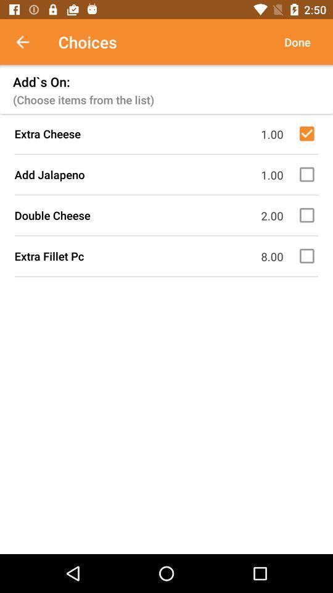  Describe the element at coordinates (308, 133) in the screenshot. I see `object` at that location.